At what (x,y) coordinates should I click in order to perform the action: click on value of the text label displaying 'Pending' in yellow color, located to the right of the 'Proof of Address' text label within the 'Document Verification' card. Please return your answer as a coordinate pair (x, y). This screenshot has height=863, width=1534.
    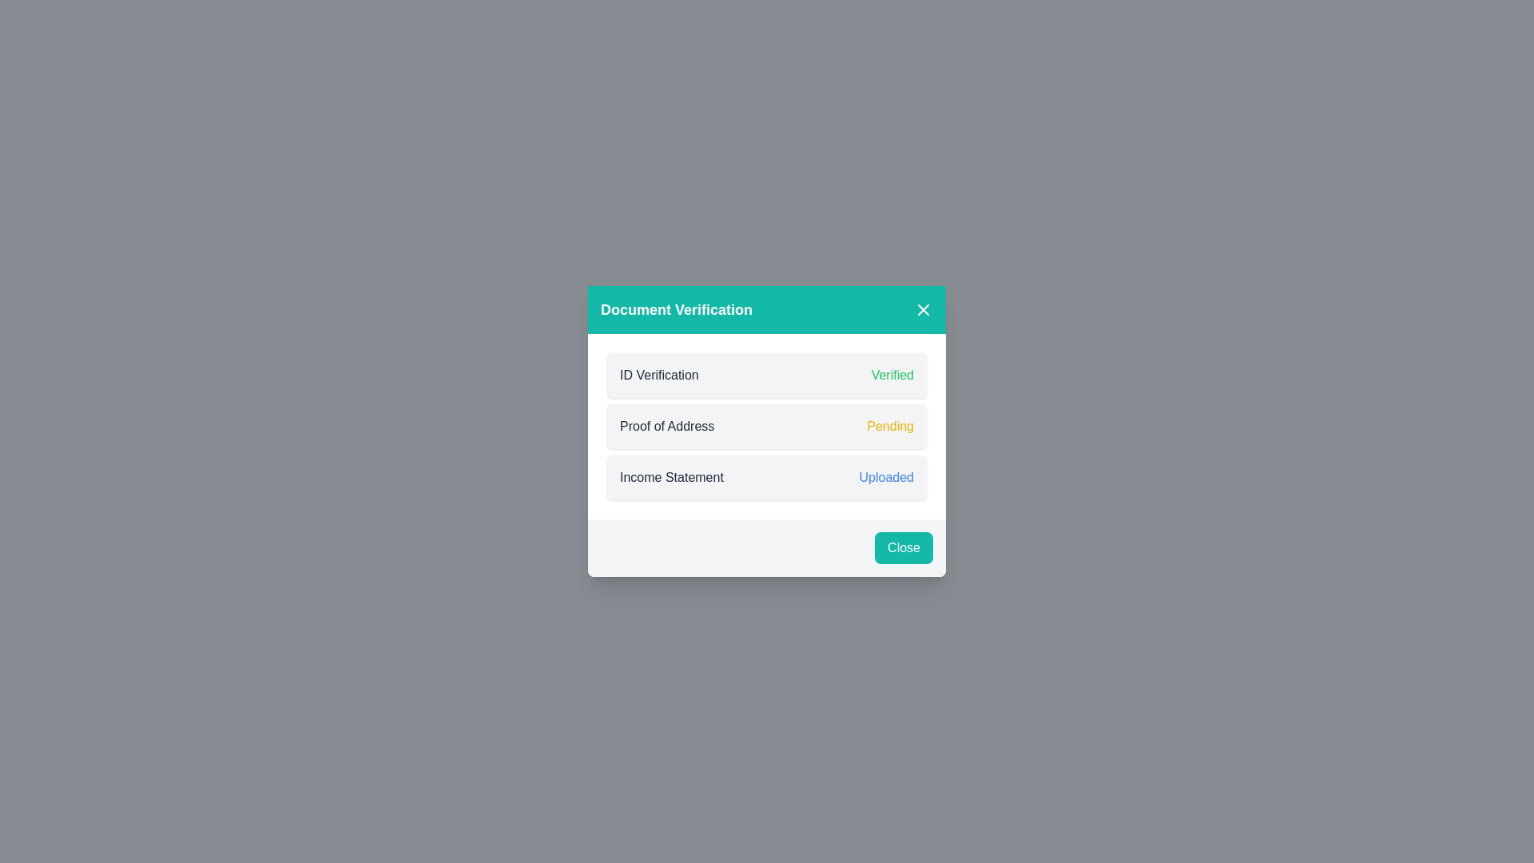
    Looking at the image, I should click on (889, 425).